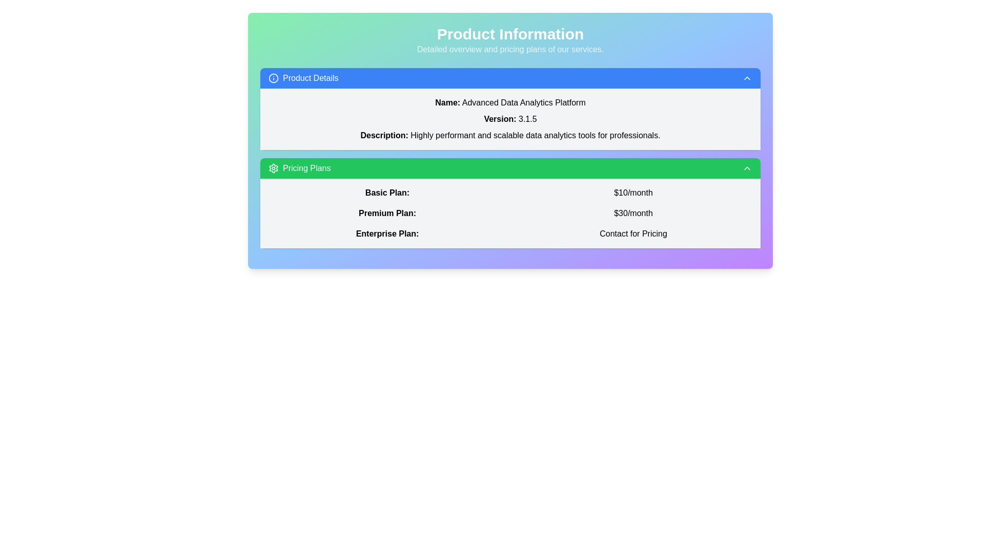 This screenshot has width=984, height=553. What do you see at coordinates (273, 167) in the screenshot?
I see `the cogwheel icon` at bounding box center [273, 167].